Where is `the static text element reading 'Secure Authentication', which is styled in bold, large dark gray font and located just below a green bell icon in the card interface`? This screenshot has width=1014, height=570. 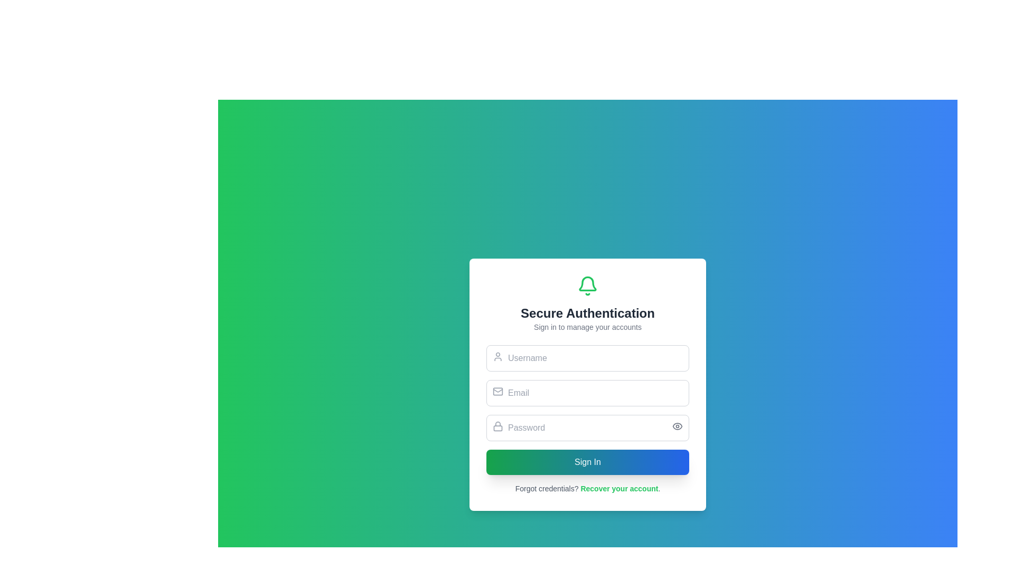 the static text element reading 'Secure Authentication', which is styled in bold, large dark gray font and located just below a green bell icon in the card interface is located at coordinates (587, 313).